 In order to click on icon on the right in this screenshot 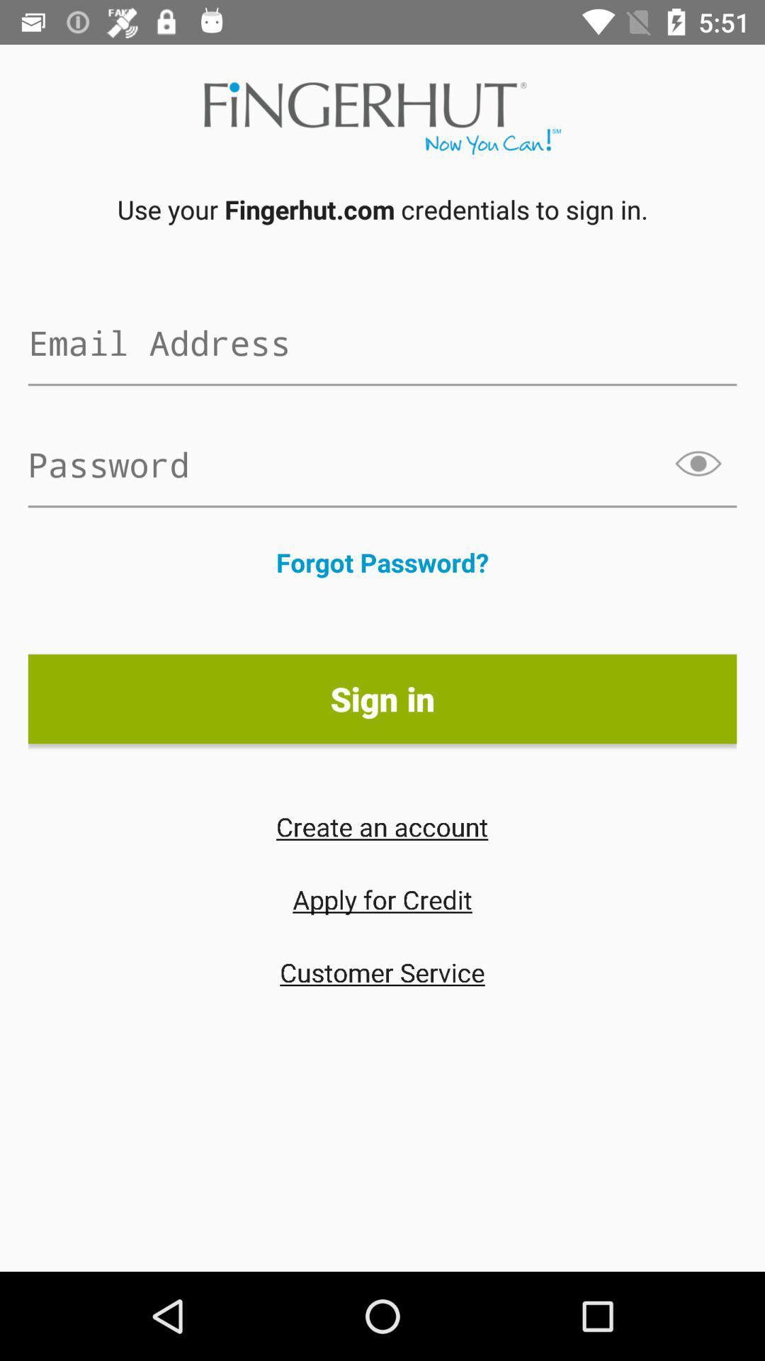, I will do `click(698, 464)`.